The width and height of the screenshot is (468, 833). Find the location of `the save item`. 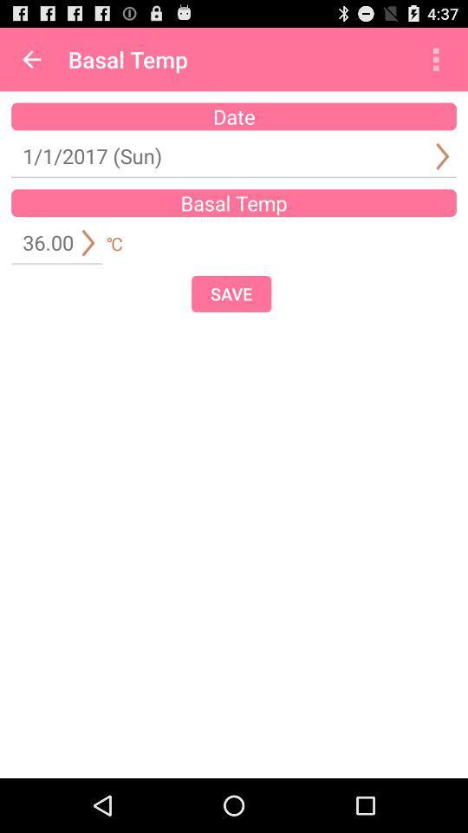

the save item is located at coordinates (231, 293).